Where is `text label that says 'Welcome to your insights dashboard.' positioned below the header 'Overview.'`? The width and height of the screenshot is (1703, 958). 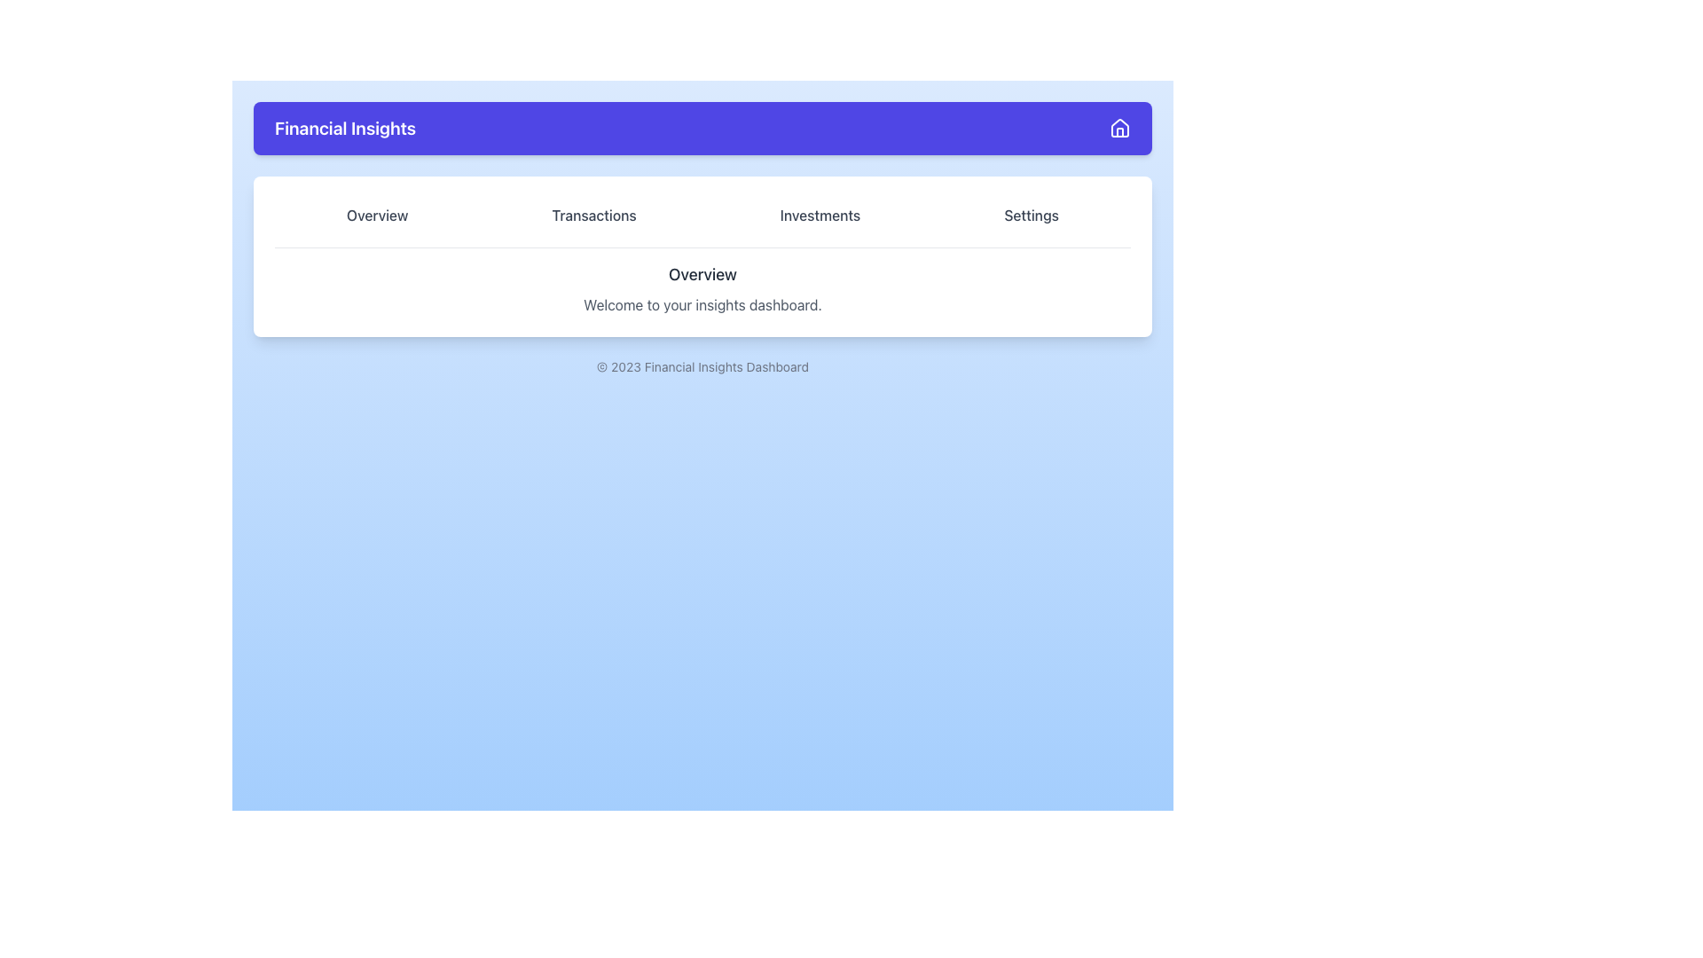 text label that says 'Welcome to your insights dashboard.' positioned below the header 'Overview.' is located at coordinates (702, 303).